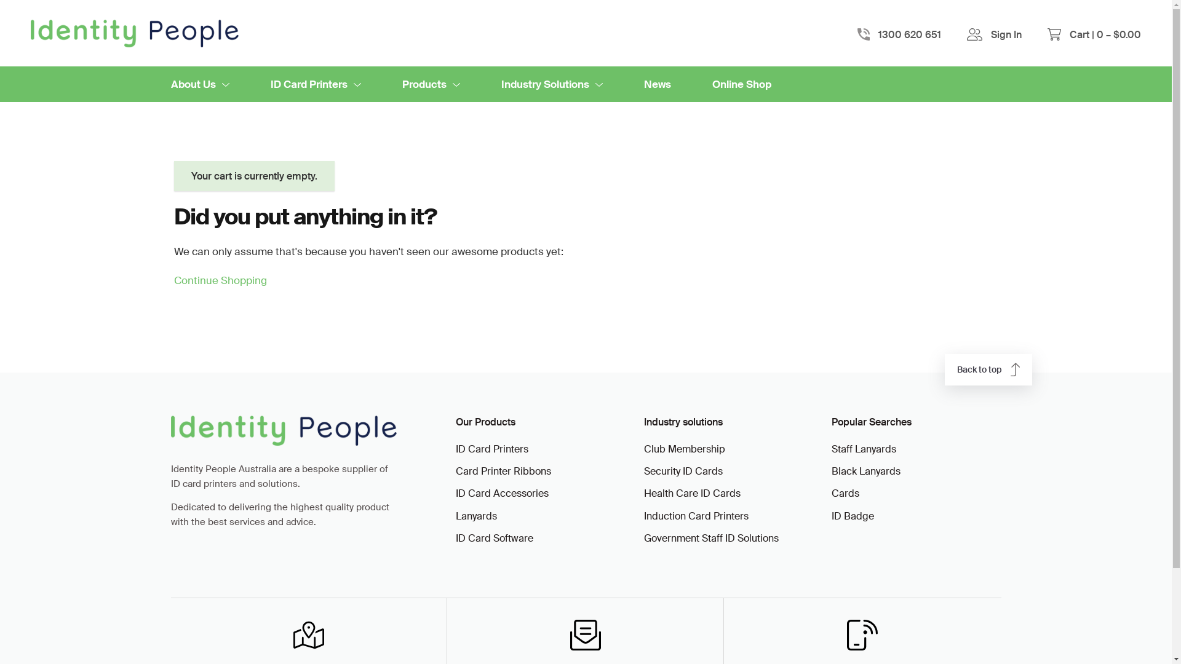 This screenshot has height=664, width=1181. Describe the element at coordinates (537, 492) in the screenshot. I see `'ID Card Accessories'` at that location.